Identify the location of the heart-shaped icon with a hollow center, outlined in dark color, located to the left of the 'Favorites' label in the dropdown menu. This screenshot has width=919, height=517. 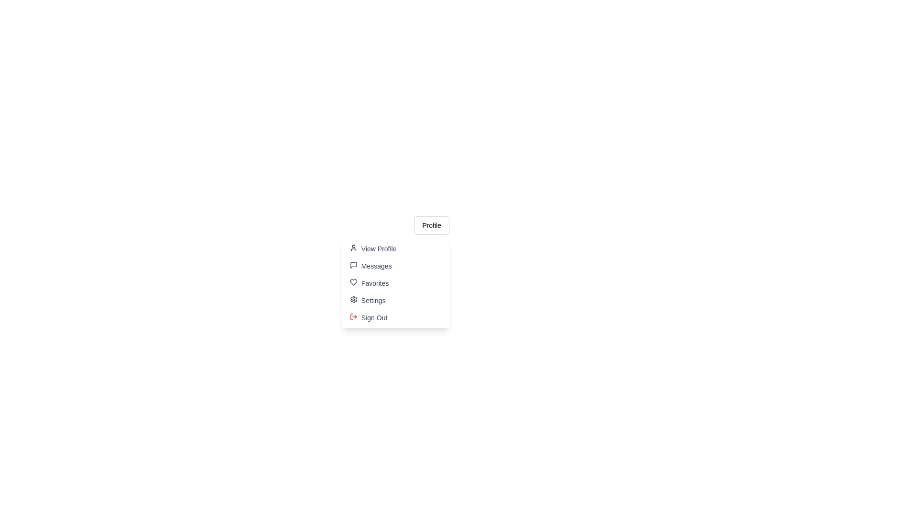
(353, 282).